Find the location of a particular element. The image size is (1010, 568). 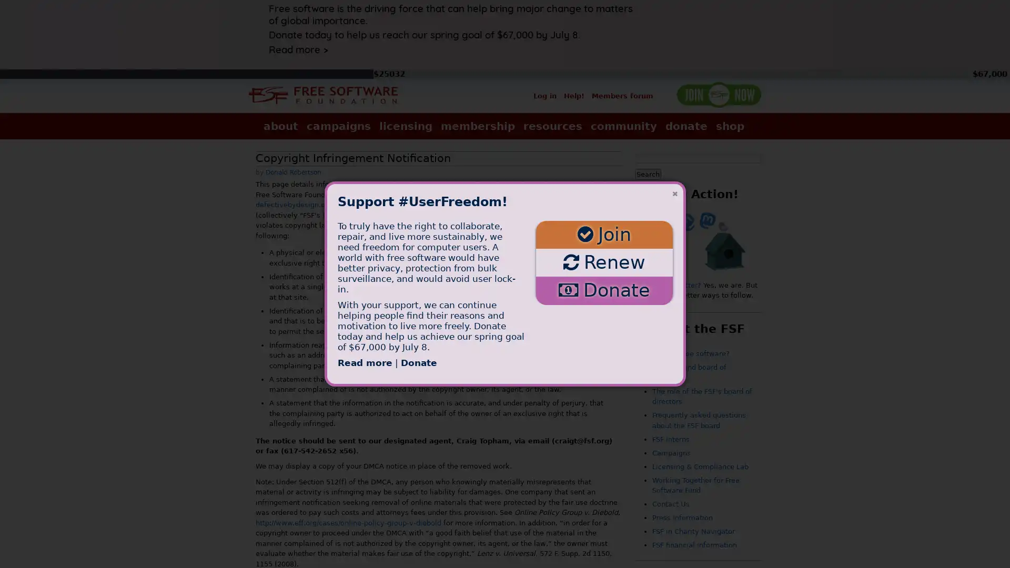

Search is located at coordinates (648, 173).